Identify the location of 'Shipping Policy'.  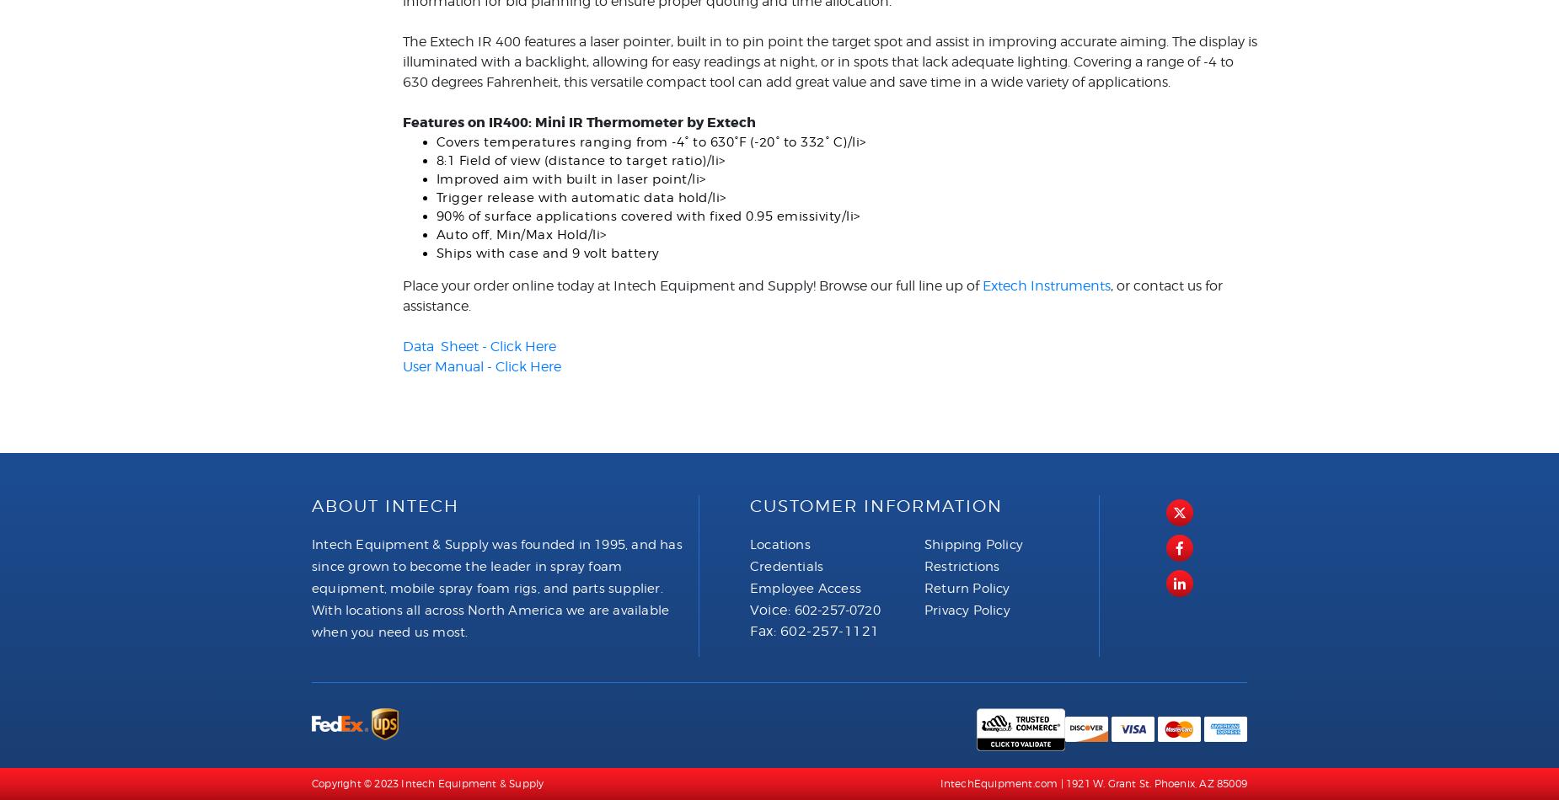
(972, 544).